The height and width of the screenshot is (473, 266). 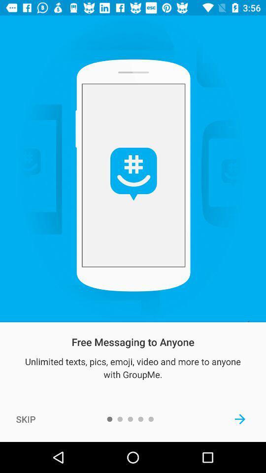 I want to click on the icon at the bottom left corner, so click(x=26, y=418).